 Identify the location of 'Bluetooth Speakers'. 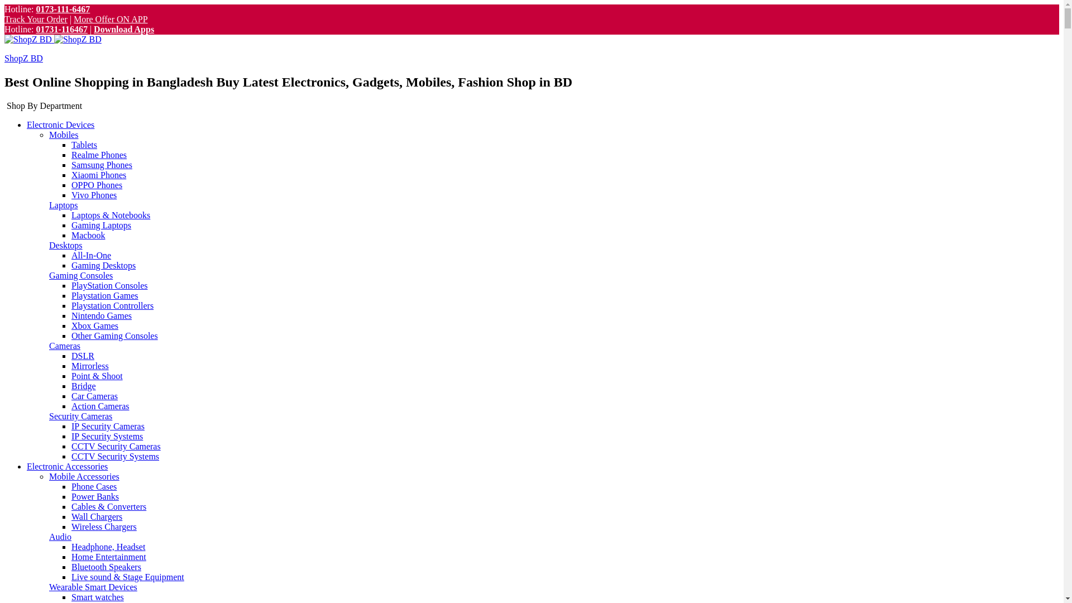
(106, 567).